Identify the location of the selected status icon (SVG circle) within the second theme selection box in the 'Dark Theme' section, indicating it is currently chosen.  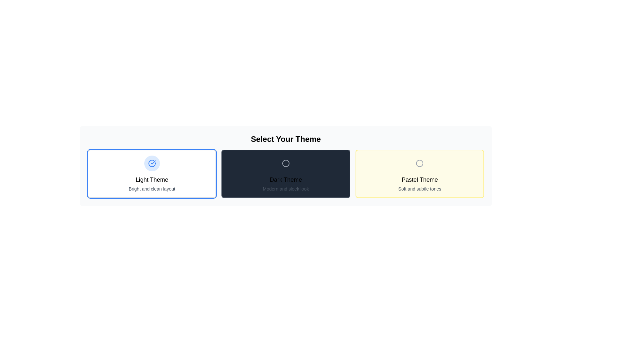
(286, 163).